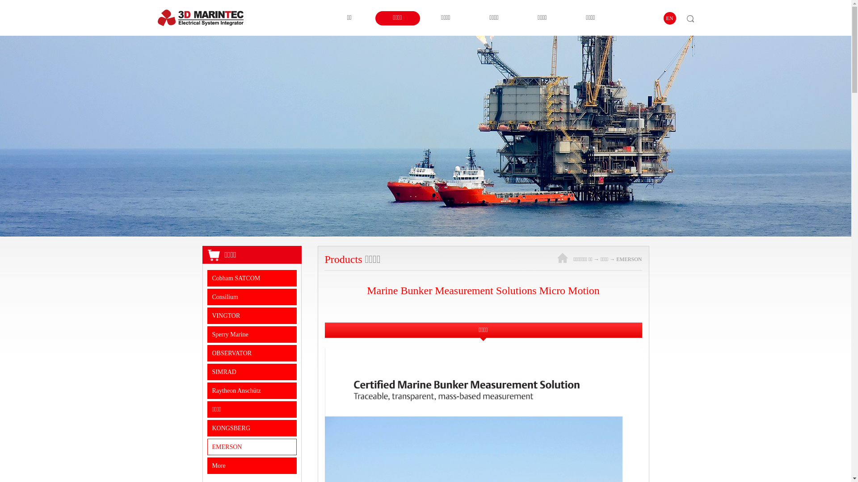  Describe the element at coordinates (615, 259) in the screenshot. I see `'EMERSON'` at that location.